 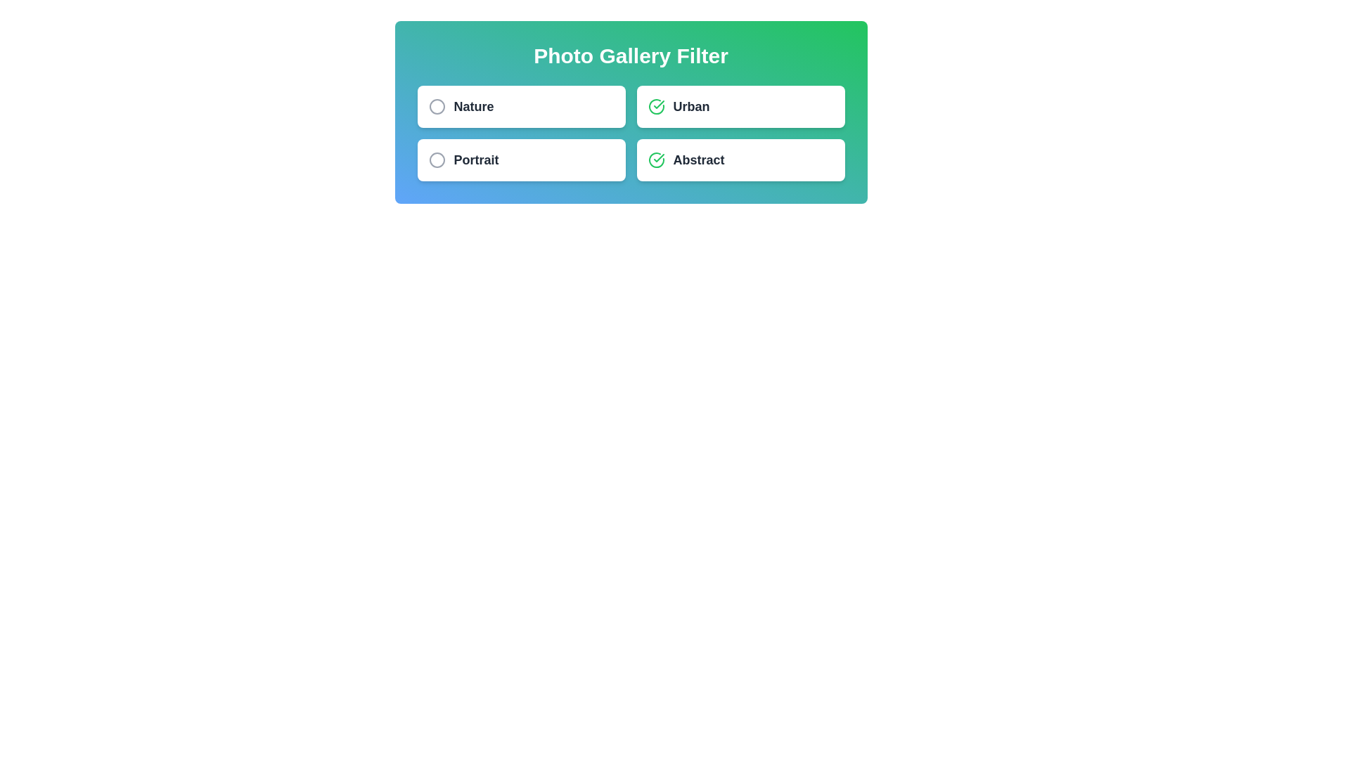 I want to click on the filter item Urban, so click(x=740, y=105).